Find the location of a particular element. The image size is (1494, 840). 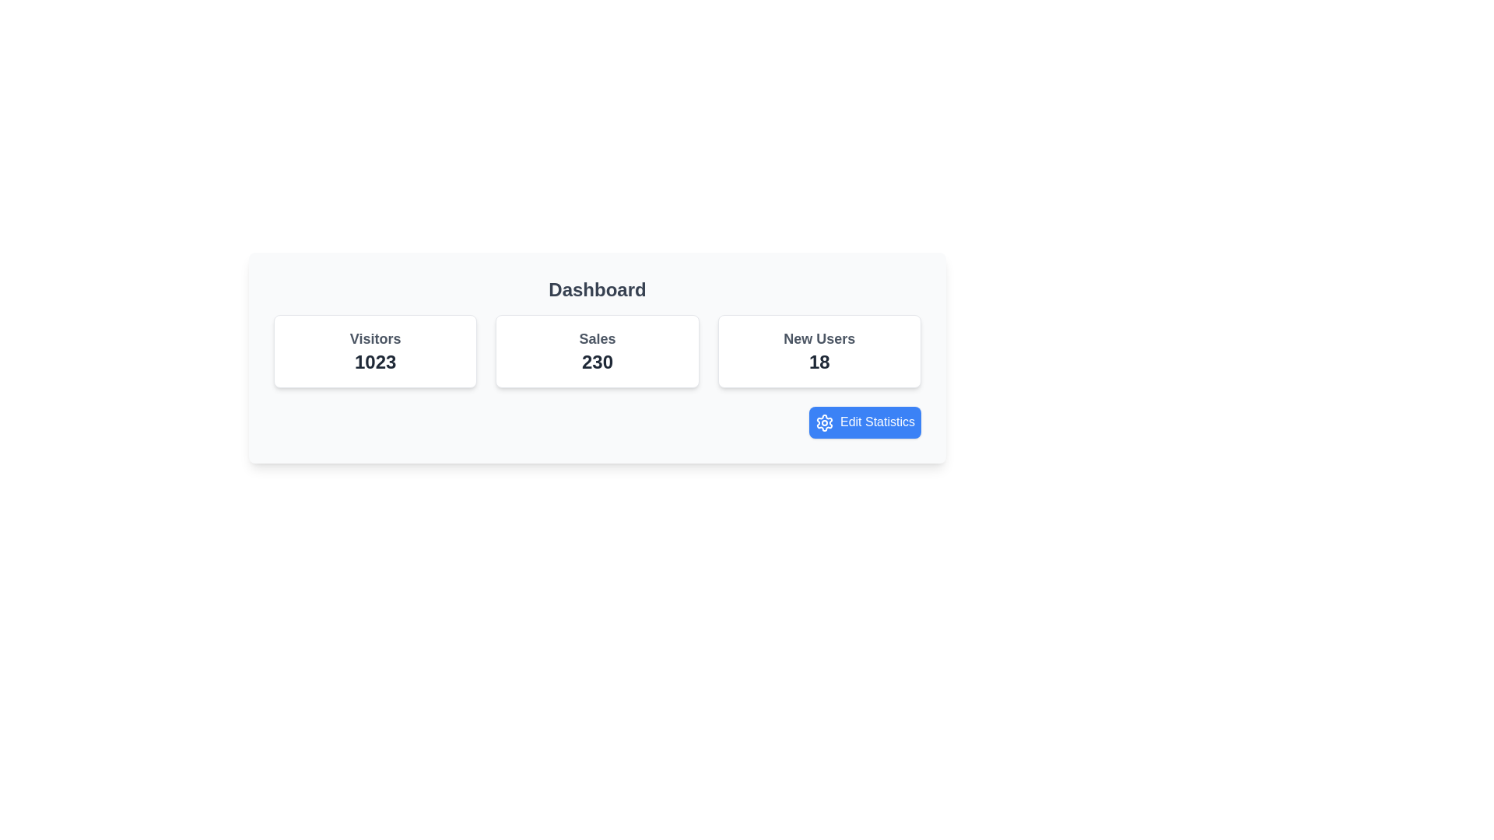

displayed number '1023' on the information card labeled 'Visitors', which is the first card in a horizontal row of three cards is located at coordinates (375, 351).